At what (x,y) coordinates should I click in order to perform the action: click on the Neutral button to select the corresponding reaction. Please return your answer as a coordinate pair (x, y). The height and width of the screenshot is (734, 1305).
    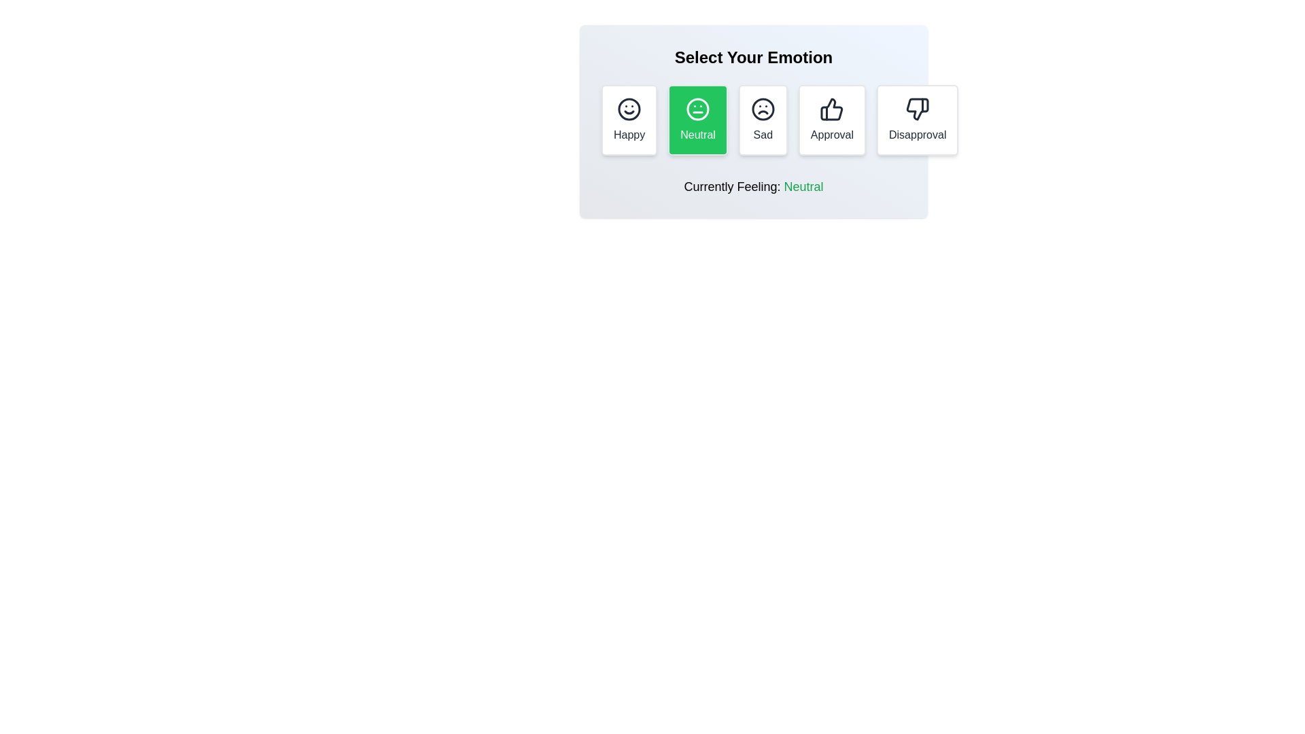
    Looking at the image, I should click on (698, 120).